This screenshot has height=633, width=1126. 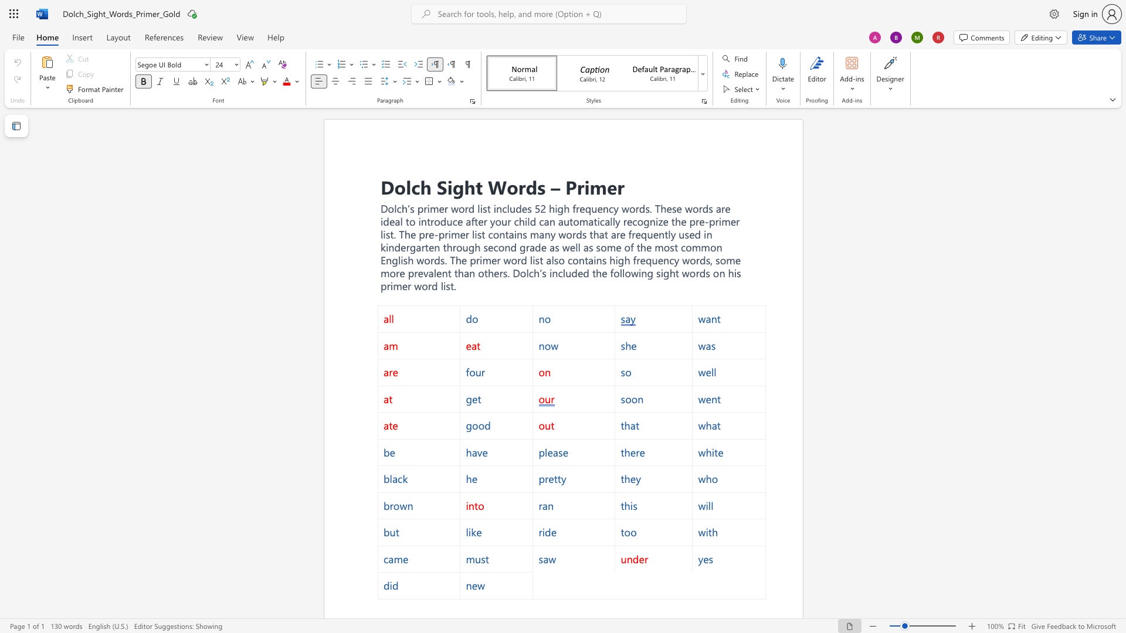 What do you see at coordinates (481, 273) in the screenshot?
I see `the 4th character "o" in the text` at bounding box center [481, 273].